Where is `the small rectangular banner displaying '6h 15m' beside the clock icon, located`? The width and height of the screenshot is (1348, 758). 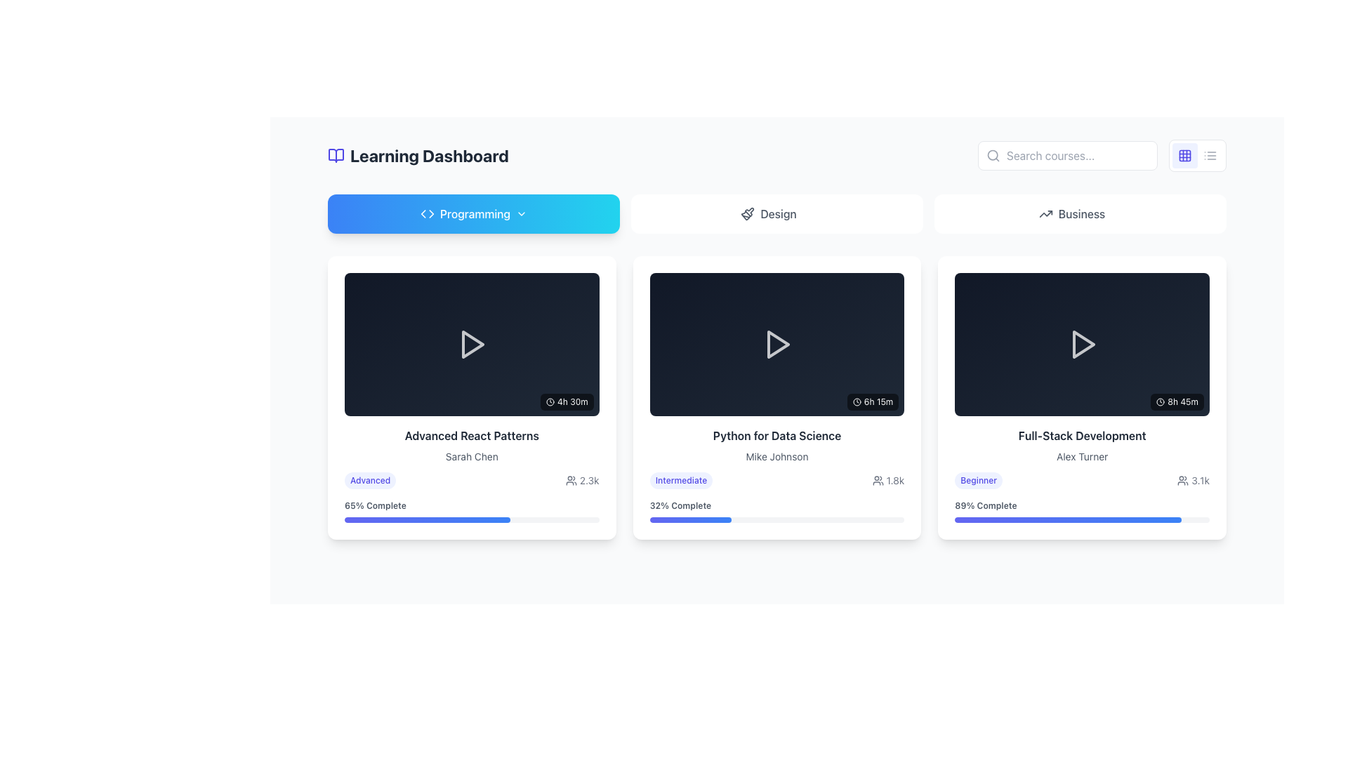
the small rectangular banner displaying '6h 15m' beside the clock icon, located is located at coordinates (872, 402).